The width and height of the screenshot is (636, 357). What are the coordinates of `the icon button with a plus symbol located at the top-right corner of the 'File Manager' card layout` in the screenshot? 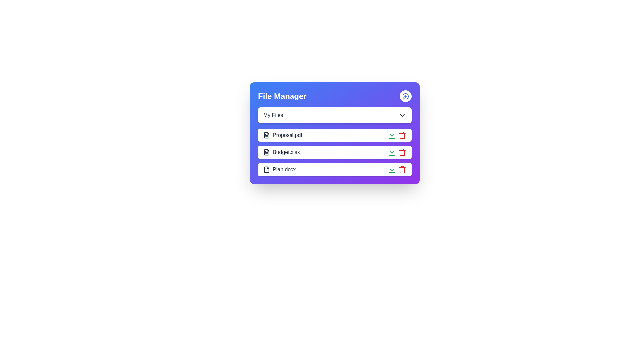 It's located at (405, 96).